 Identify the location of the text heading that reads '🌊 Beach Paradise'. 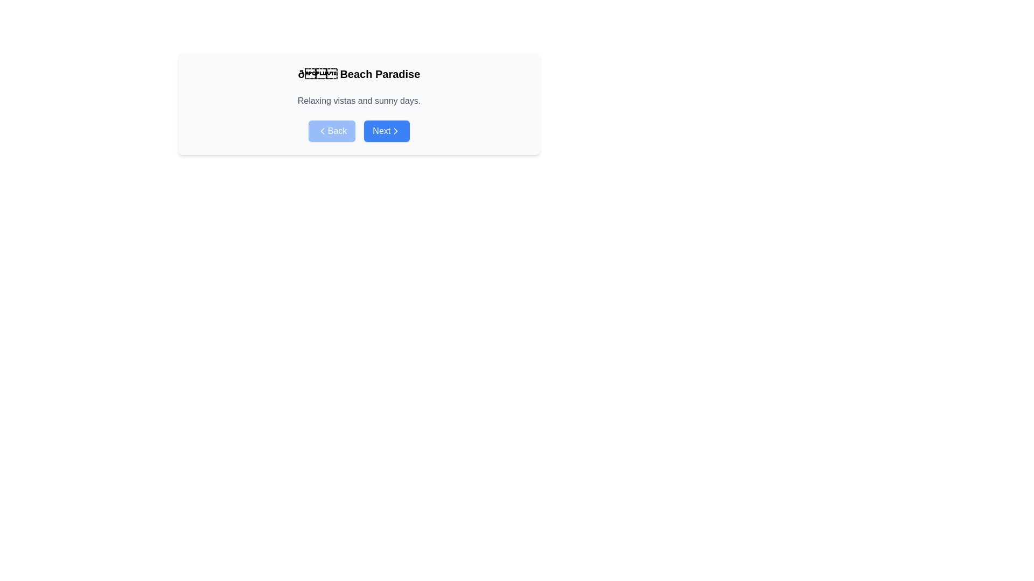
(359, 74).